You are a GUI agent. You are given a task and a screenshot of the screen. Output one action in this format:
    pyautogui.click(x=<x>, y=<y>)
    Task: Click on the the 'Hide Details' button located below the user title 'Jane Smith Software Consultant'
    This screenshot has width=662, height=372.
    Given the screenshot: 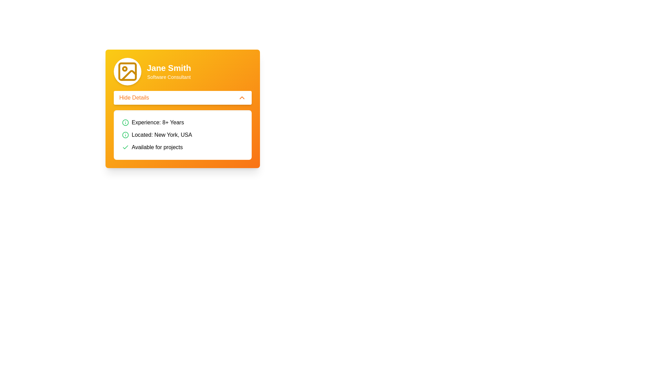 What is the action you would take?
    pyautogui.click(x=182, y=98)
    